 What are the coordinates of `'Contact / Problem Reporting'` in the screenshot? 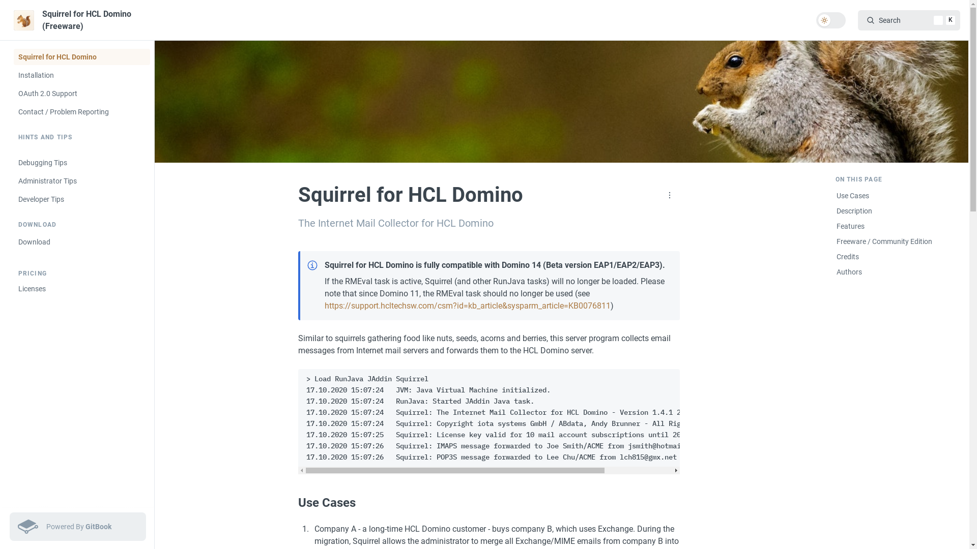 It's located at (13, 111).